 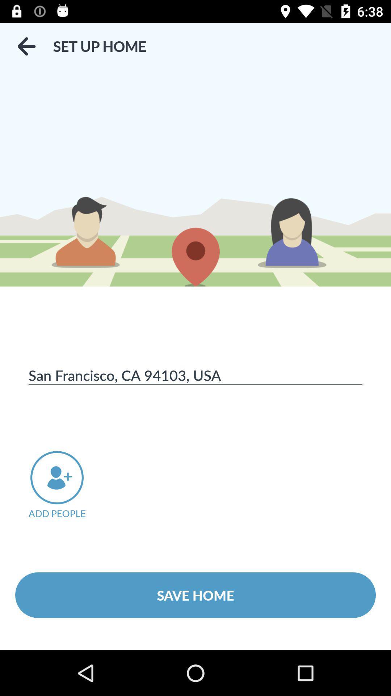 What do you see at coordinates (195, 375) in the screenshot?
I see `item at the center` at bounding box center [195, 375].